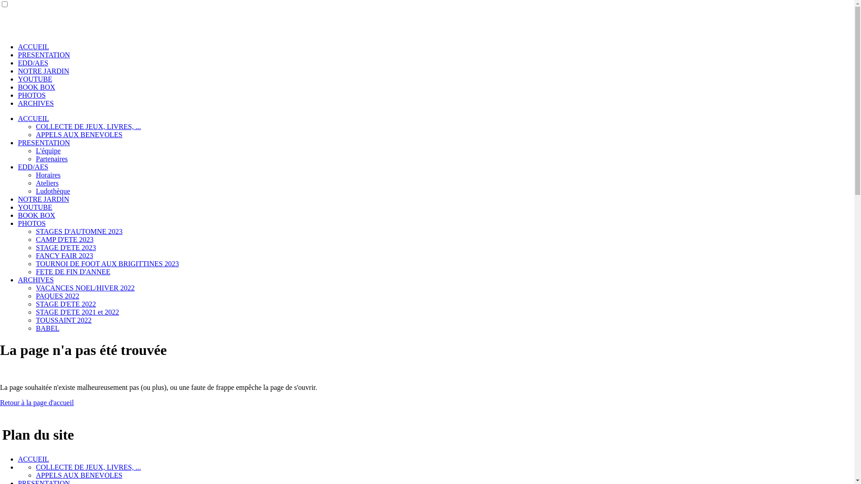  I want to click on 'STAGE D'ETE 2021 et 2022', so click(77, 311).